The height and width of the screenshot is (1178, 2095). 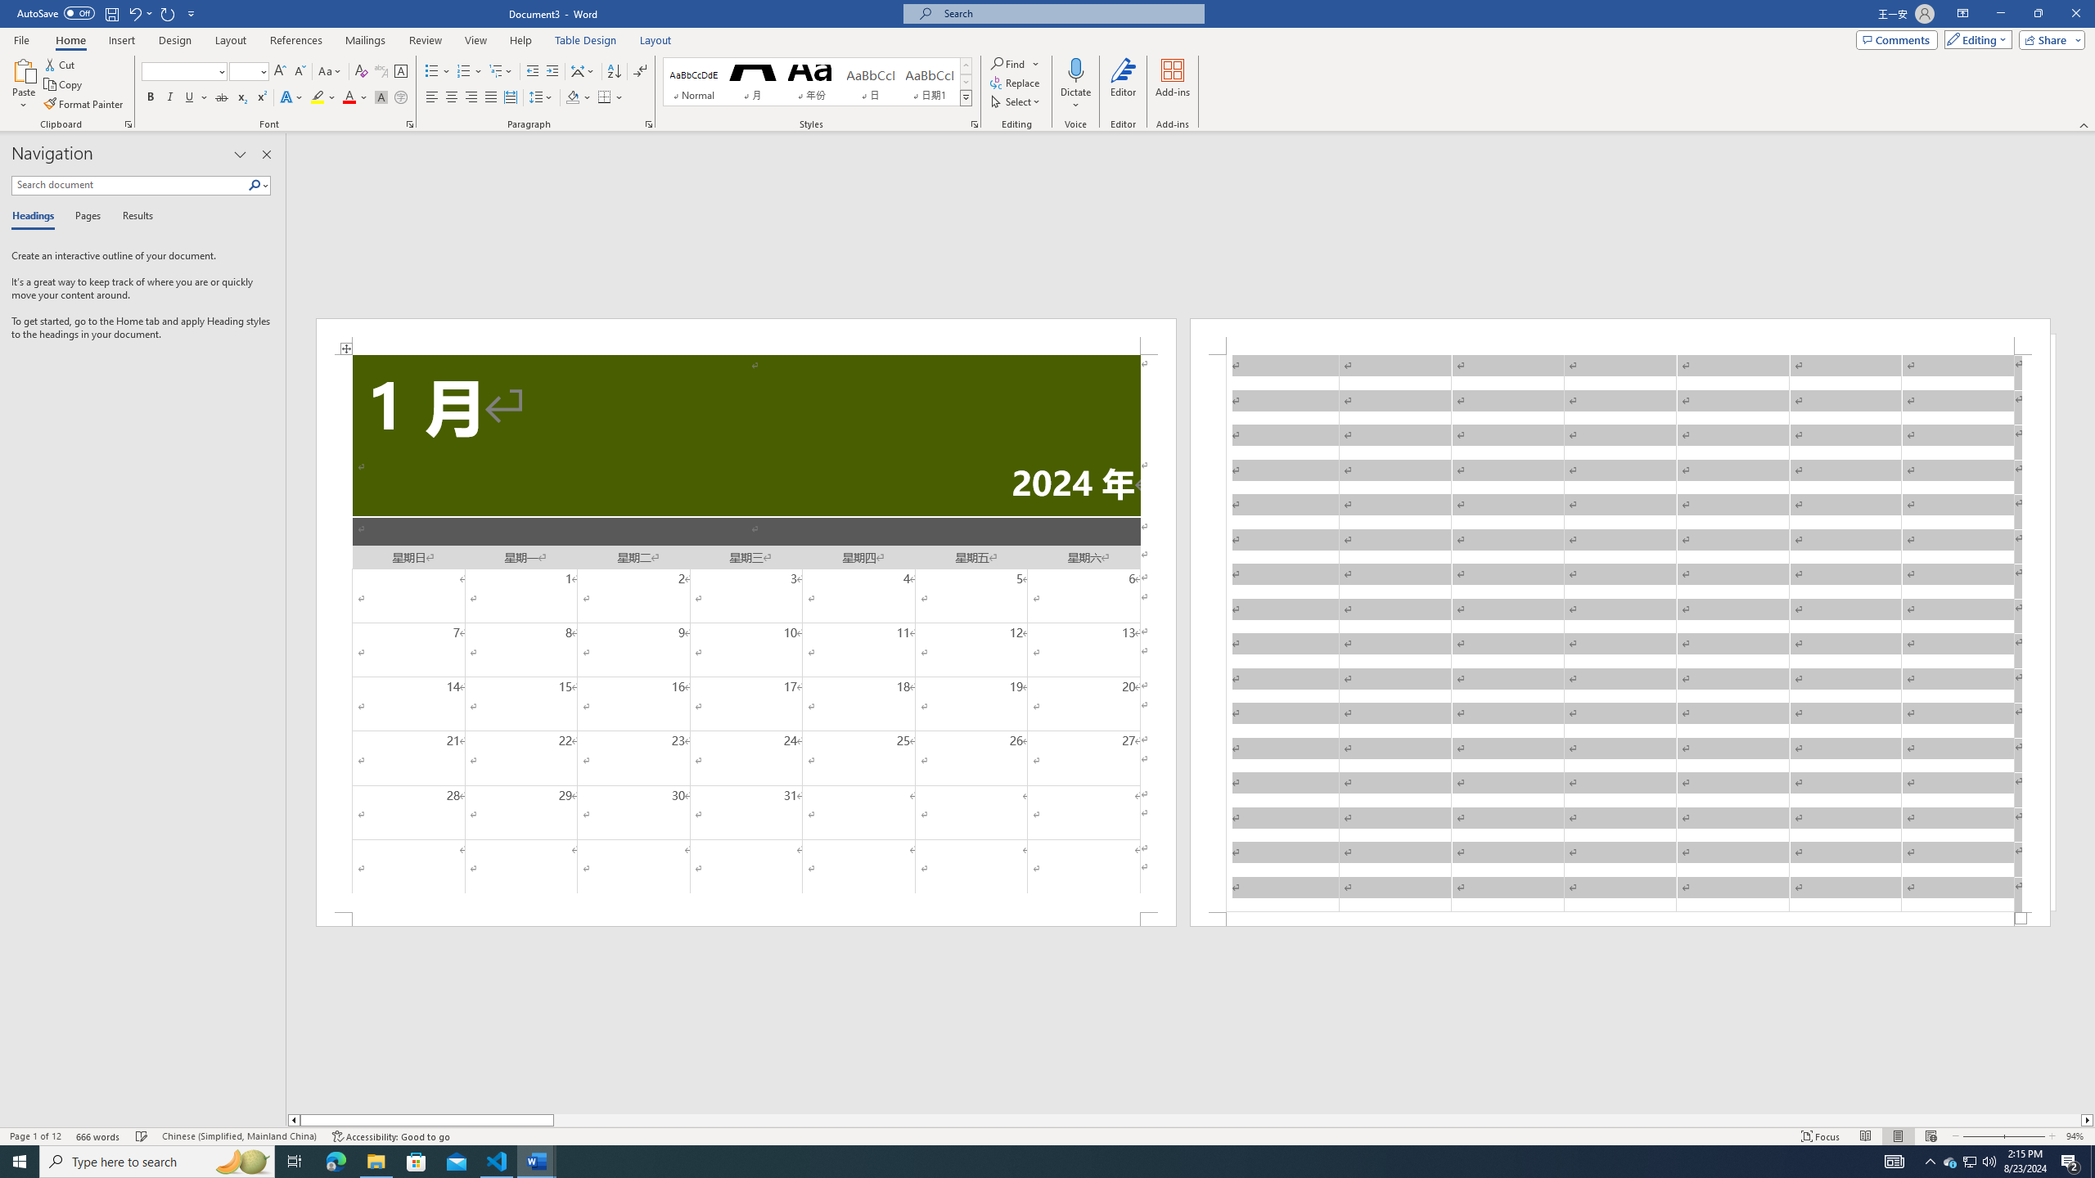 I want to click on 'Character Shading', so click(x=380, y=97).